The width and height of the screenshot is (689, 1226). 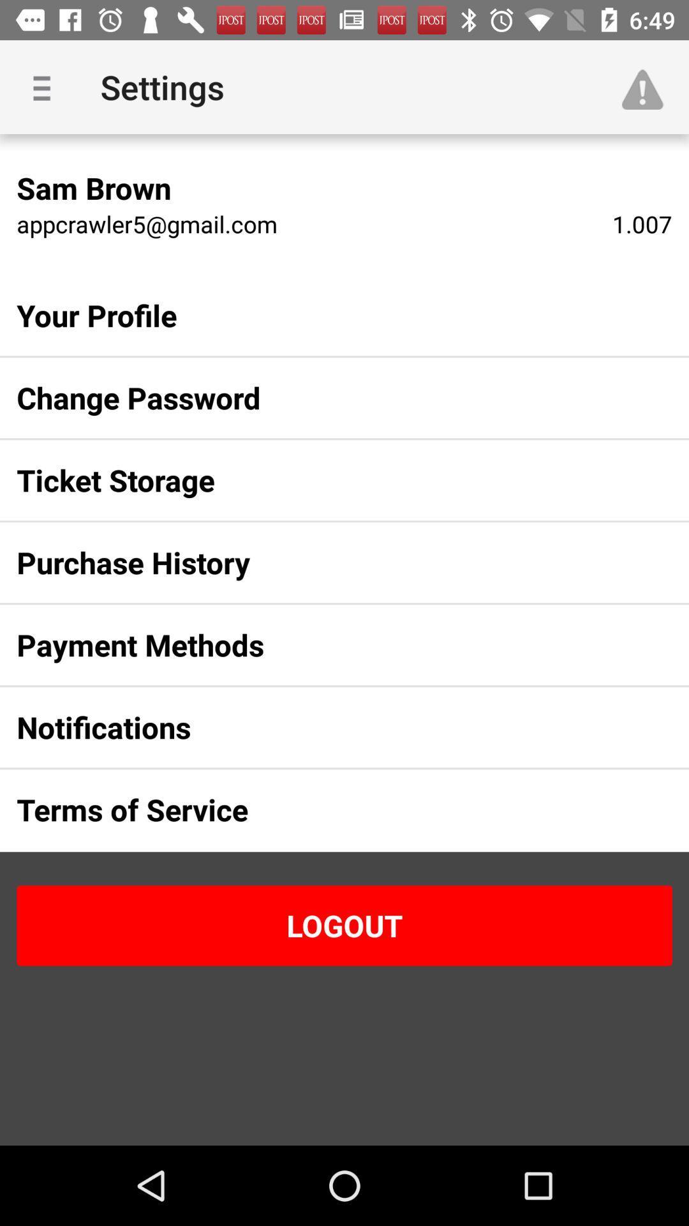 I want to click on item to the left of settings item, so click(x=46, y=86).